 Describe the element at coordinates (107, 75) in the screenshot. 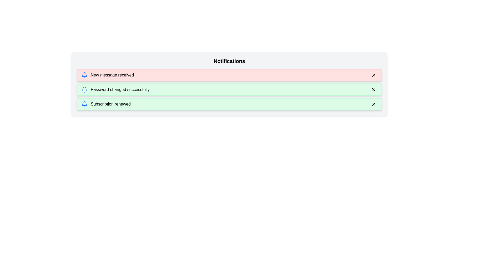

I see `the first notification item with a bell icon and text on the pink background` at that location.